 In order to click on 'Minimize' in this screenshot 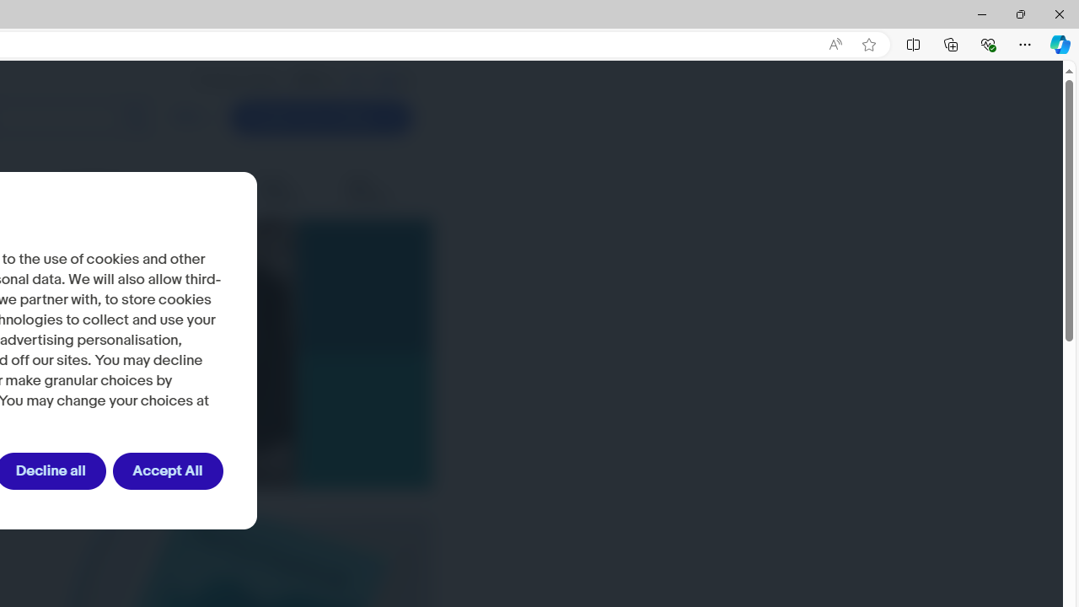, I will do `click(981, 13)`.